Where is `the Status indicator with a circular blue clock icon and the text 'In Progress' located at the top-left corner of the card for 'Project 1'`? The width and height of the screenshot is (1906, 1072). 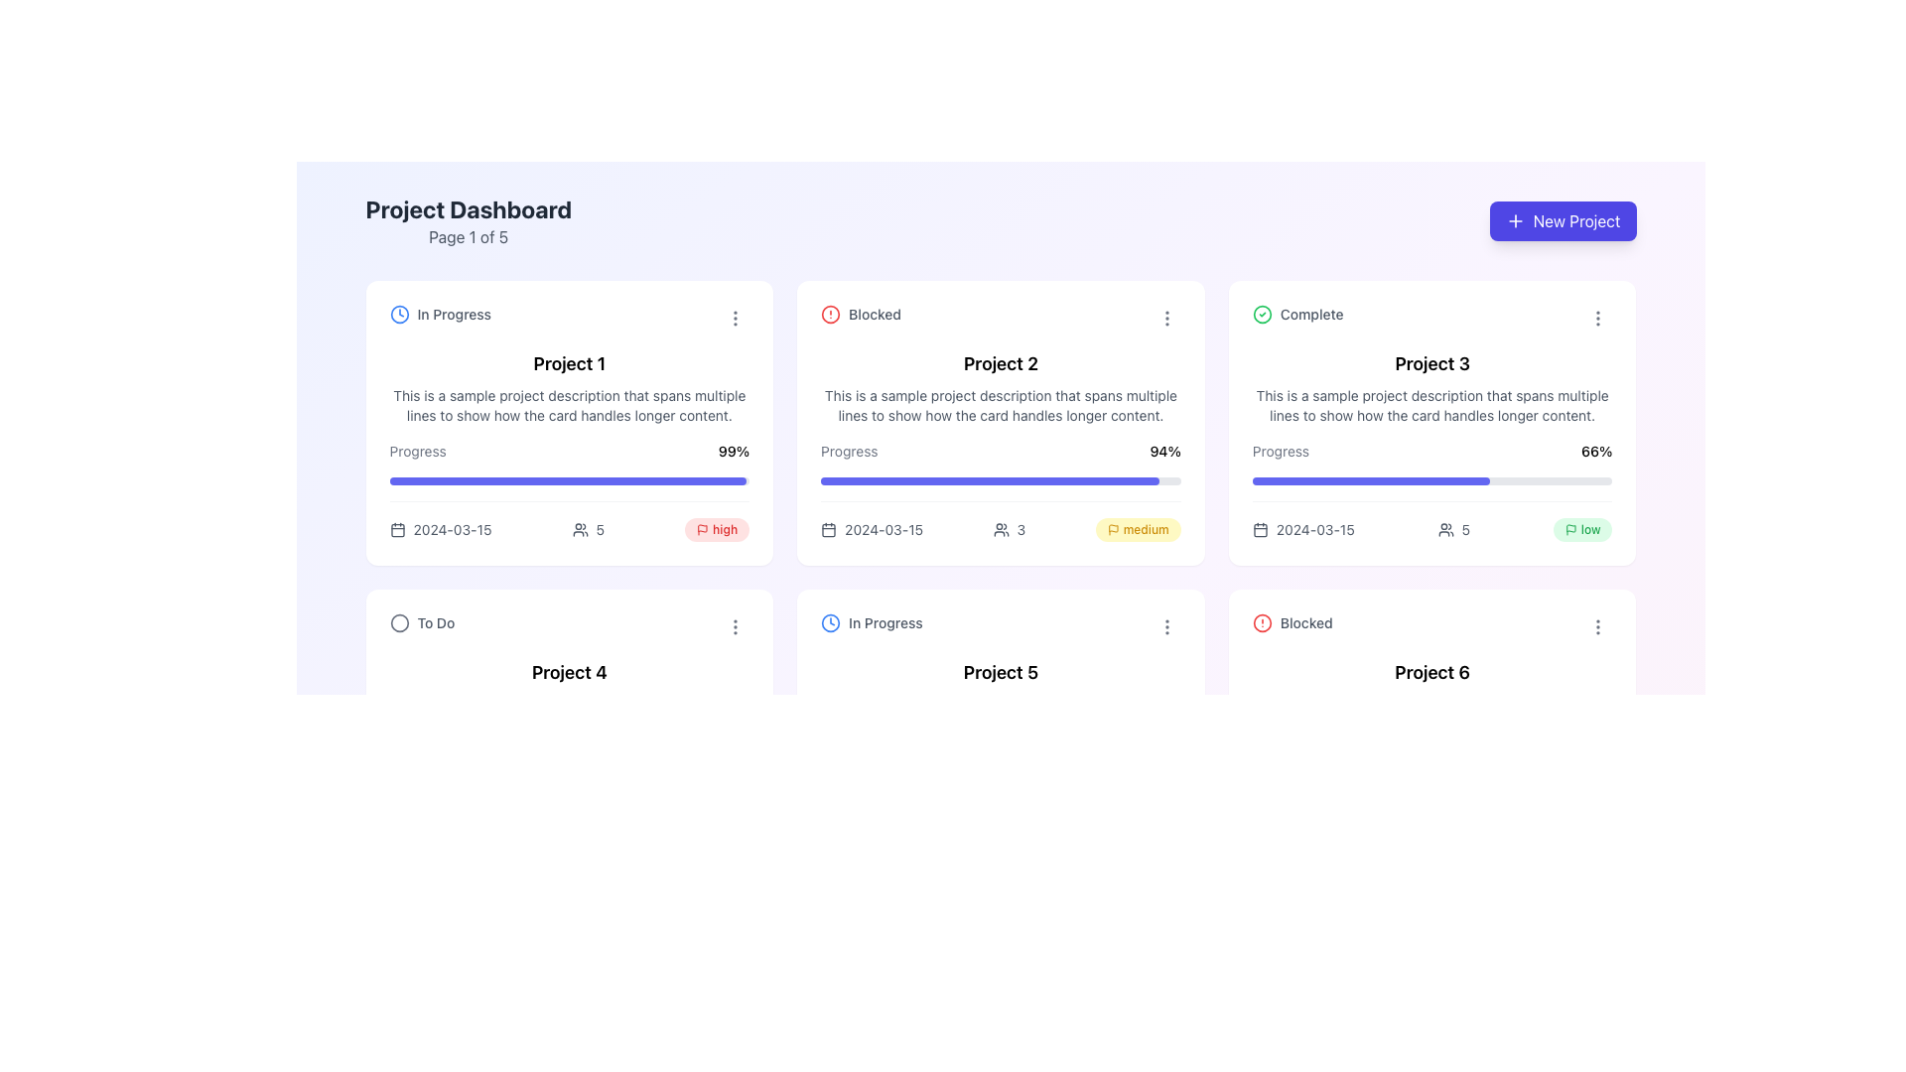 the Status indicator with a circular blue clock icon and the text 'In Progress' located at the top-left corner of the card for 'Project 1' is located at coordinates (439, 313).